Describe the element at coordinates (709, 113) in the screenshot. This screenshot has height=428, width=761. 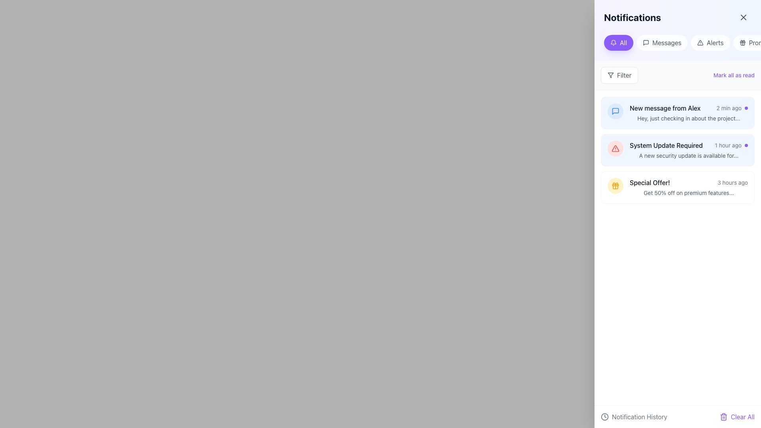
I see `the small square archive box icon located on the right side of the first notification titled 'New message from Alex', which is set within a rounded interactive background` at that location.